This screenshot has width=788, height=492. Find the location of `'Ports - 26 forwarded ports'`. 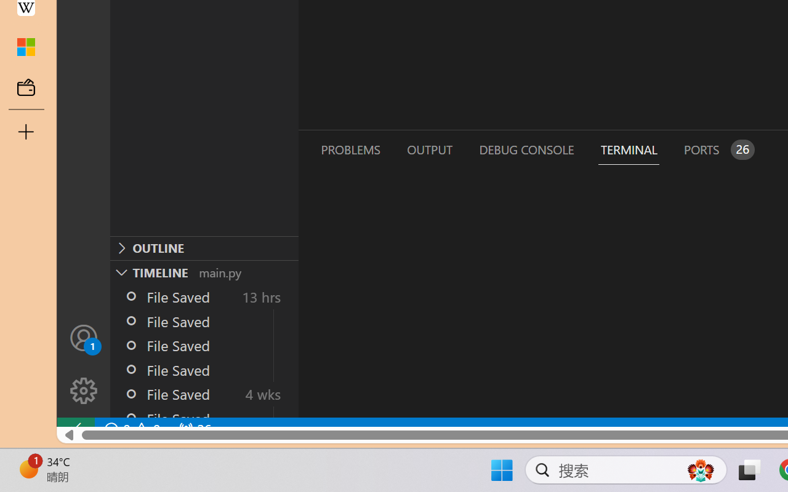

'Ports - 26 forwarded ports' is located at coordinates (717, 149).